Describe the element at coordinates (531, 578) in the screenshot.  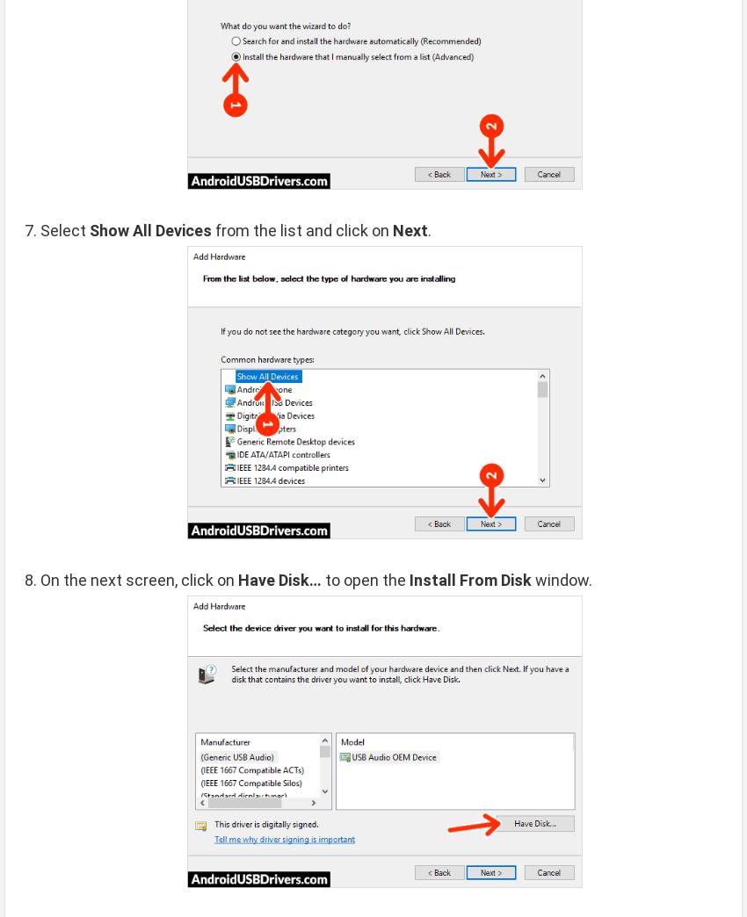
I see `'window.'` at that location.